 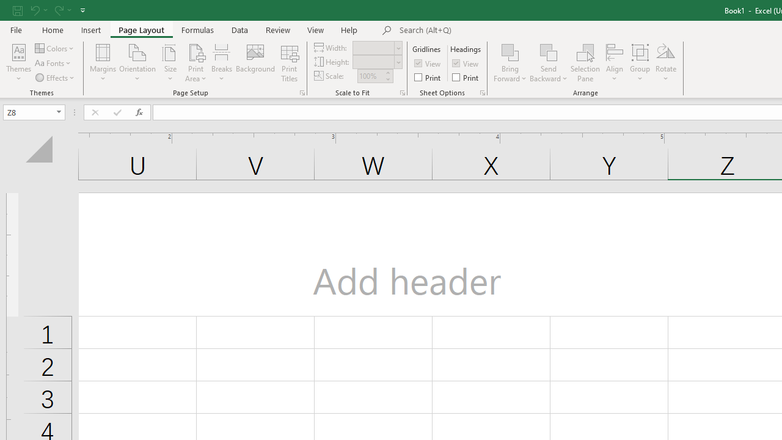 I want to click on 'Breaks', so click(x=221, y=63).